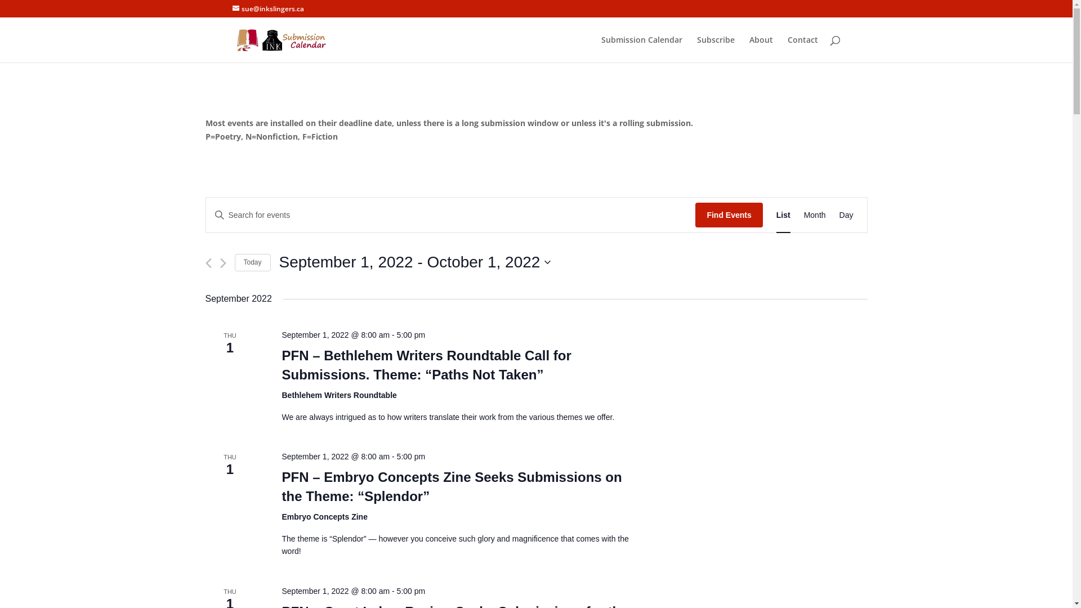 Image resolution: width=1081 pixels, height=608 pixels. Describe the element at coordinates (231, 8) in the screenshot. I see `'sue@inkslingers.ca'` at that location.